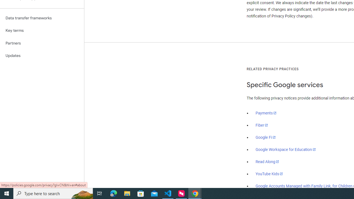 This screenshot has width=354, height=199. I want to click on 'Data transfer frameworks', so click(42, 18).